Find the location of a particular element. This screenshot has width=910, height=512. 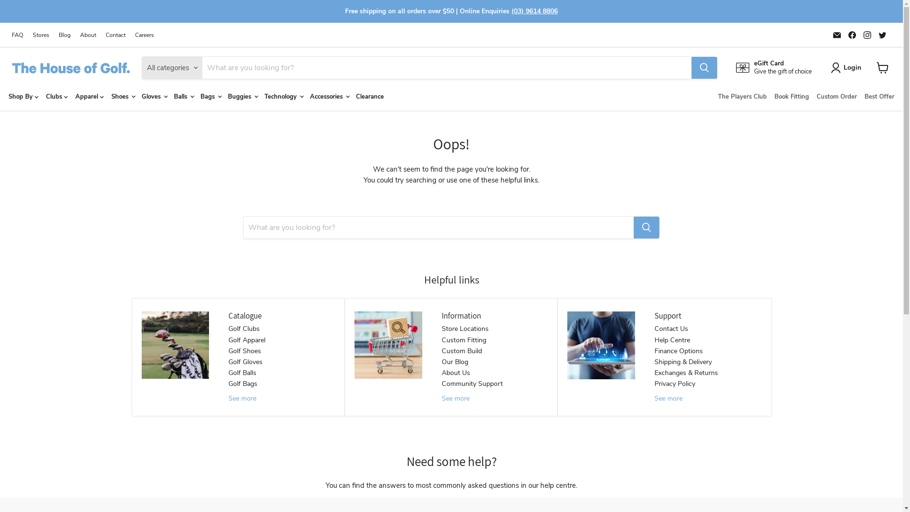

'Golf Clubs' is located at coordinates (244, 328).